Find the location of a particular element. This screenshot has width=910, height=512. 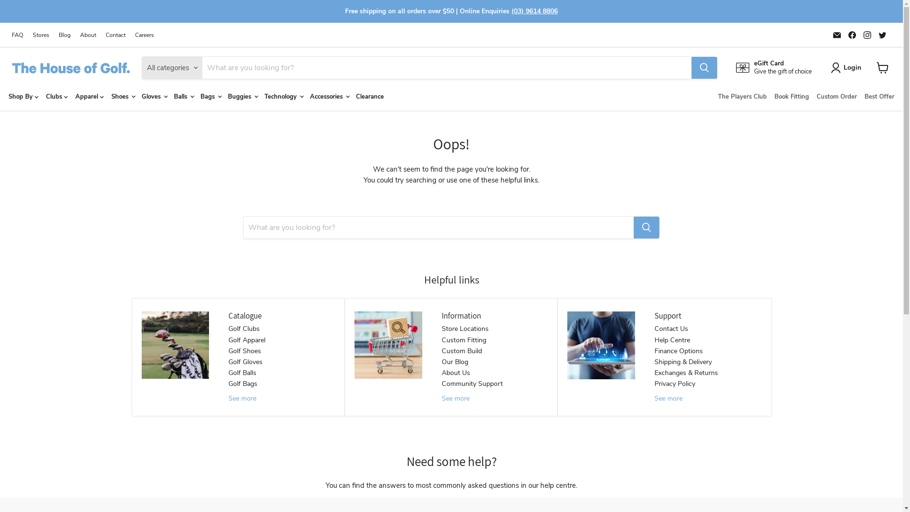

'Golf Clubs' is located at coordinates (244, 328).